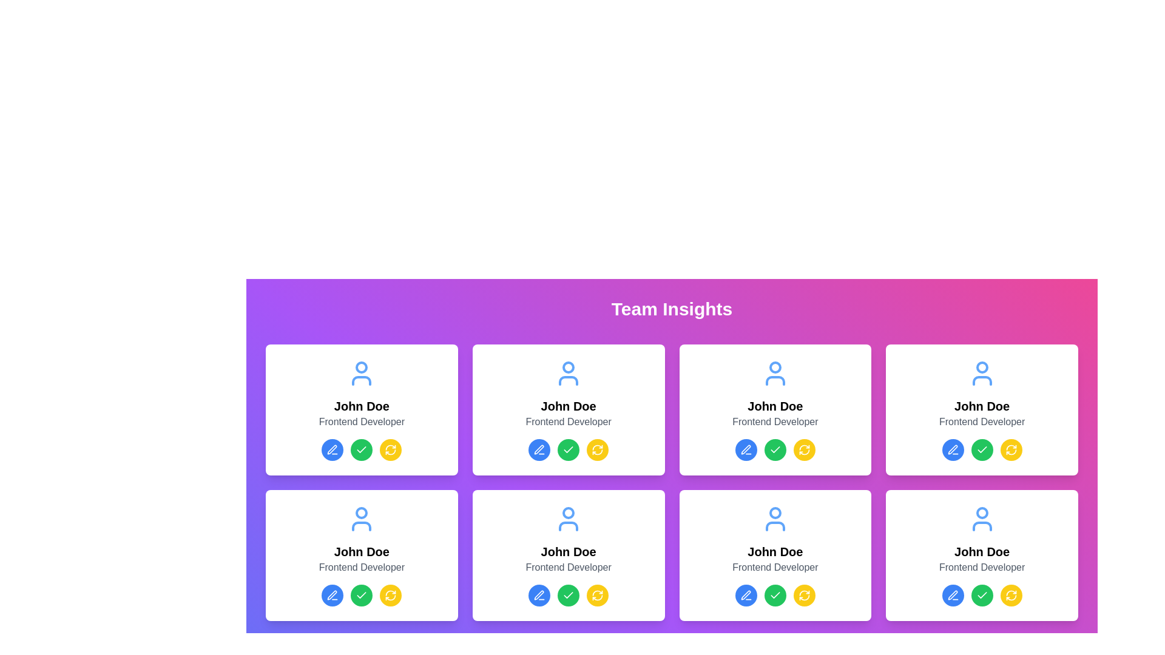 The image size is (1165, 655). I want to click on the text display element showing 'Frontend Developer', which is located below the name 'John Doe' in a card-like structure, so click(982, 421).